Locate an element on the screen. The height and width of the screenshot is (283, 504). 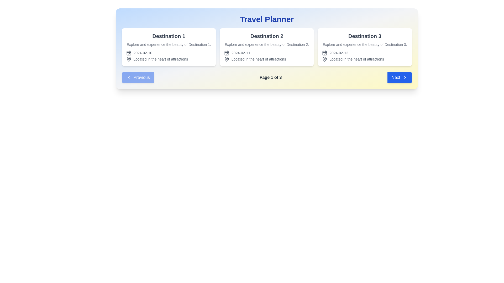
the location pin icon, which is a small icon resembling a location pin that is located to the left of the text stating 'Located in the heart of attractions.' is located at coordinates (324, 59).